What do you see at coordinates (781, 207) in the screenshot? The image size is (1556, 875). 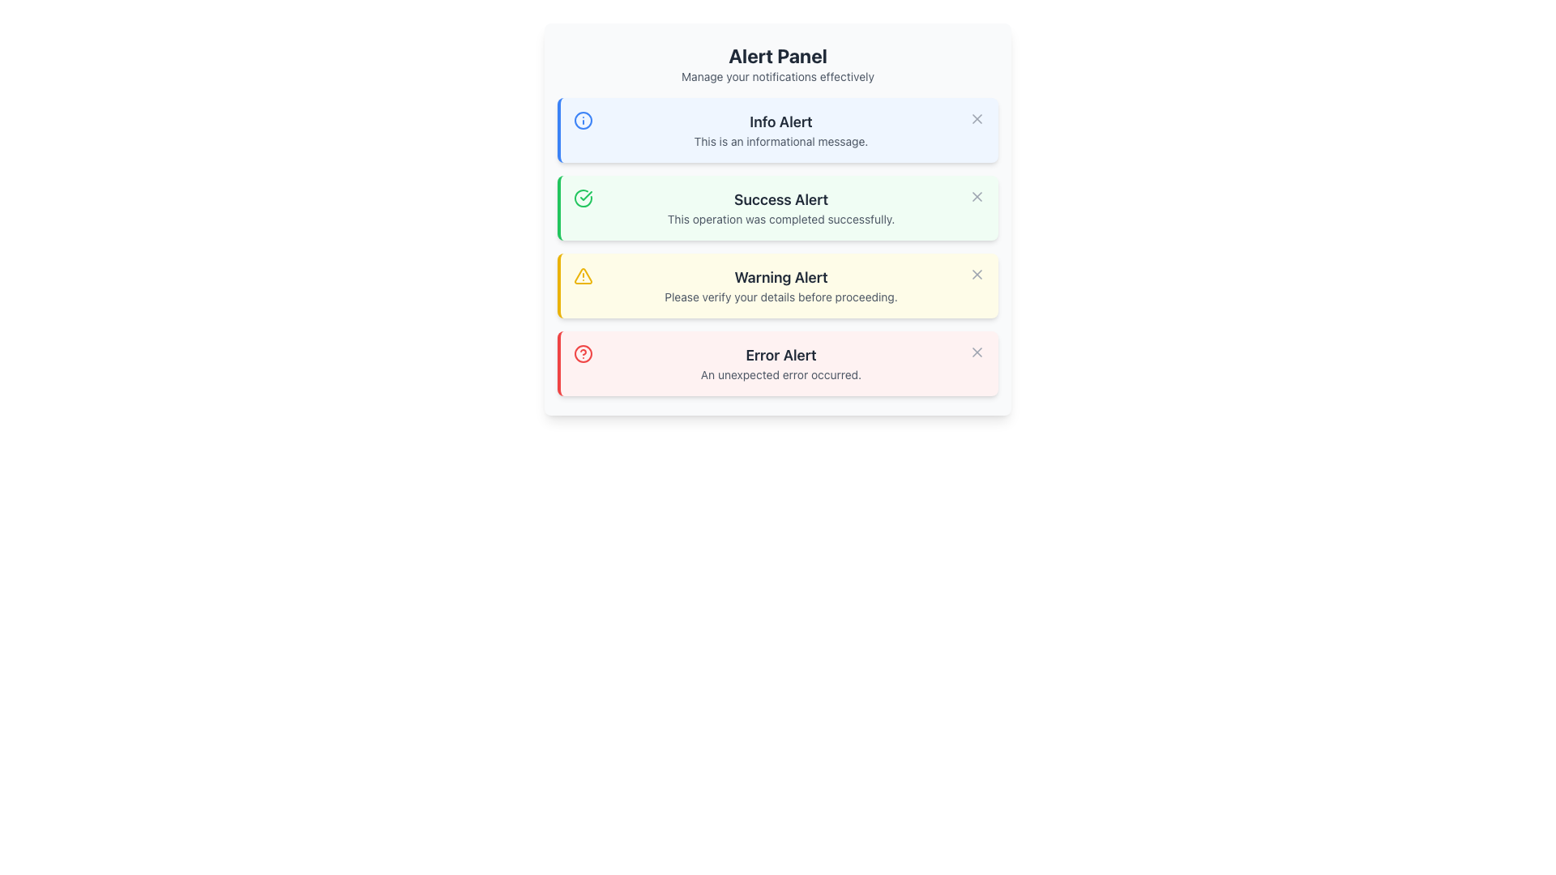 I see `the 'Success Alert' static text block, which displays the message 'This operation was completed successfully.' in a green alert box` at bounding box center [781, 207].